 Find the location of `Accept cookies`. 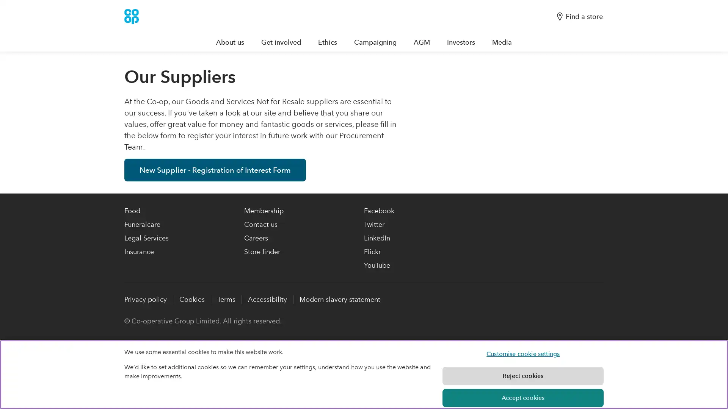

Accept cookies is located at coordinates (522, 397).